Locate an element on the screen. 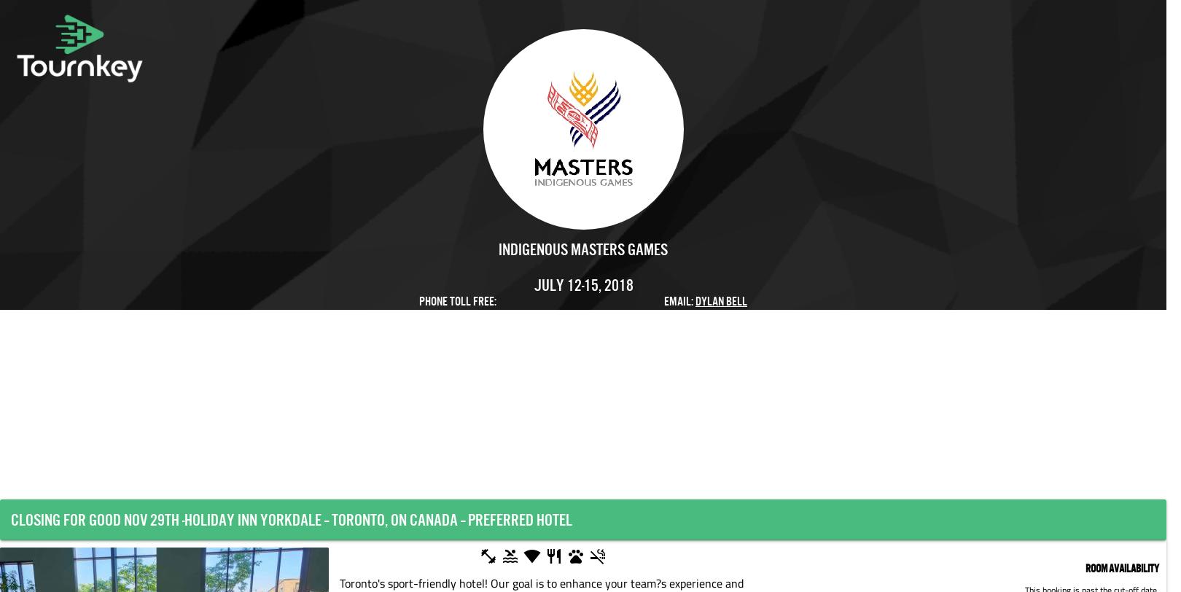  'Free WiFi' is located at coordinates (589, 558).